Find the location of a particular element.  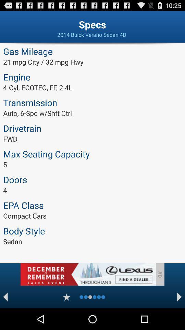

rate is located at coordinates (66, 297).